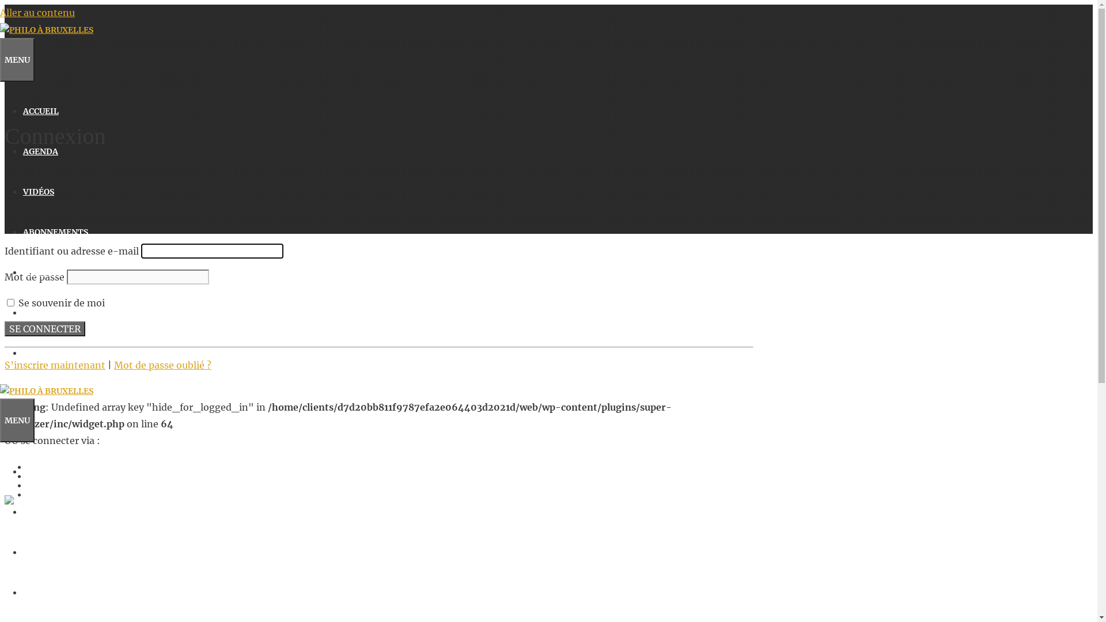  I want to click on 'AGENDA', so click(40, 511).